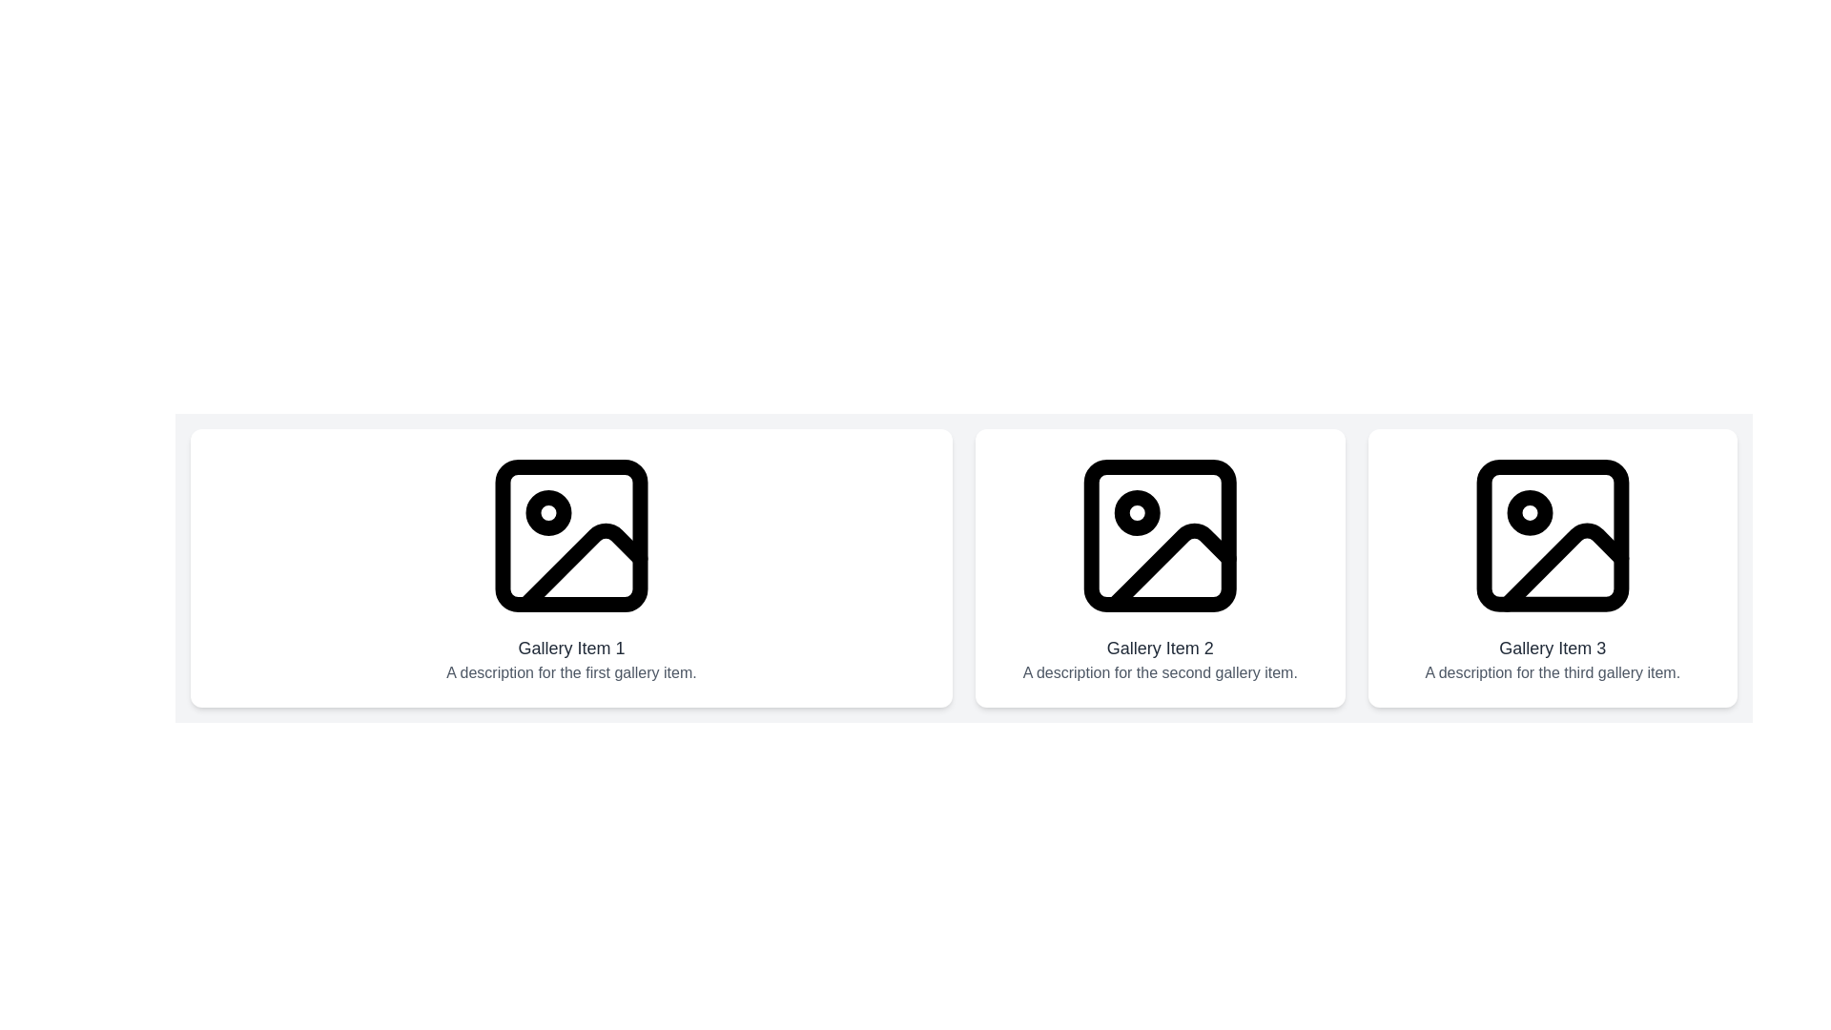  Describe the element at coordinates (1553, 671) in the screenshot. I see `the text label displaying 'A description for the third gallery item.' located below the 'Gallery Item 3' label and icon in the third gallery item section` at that location.